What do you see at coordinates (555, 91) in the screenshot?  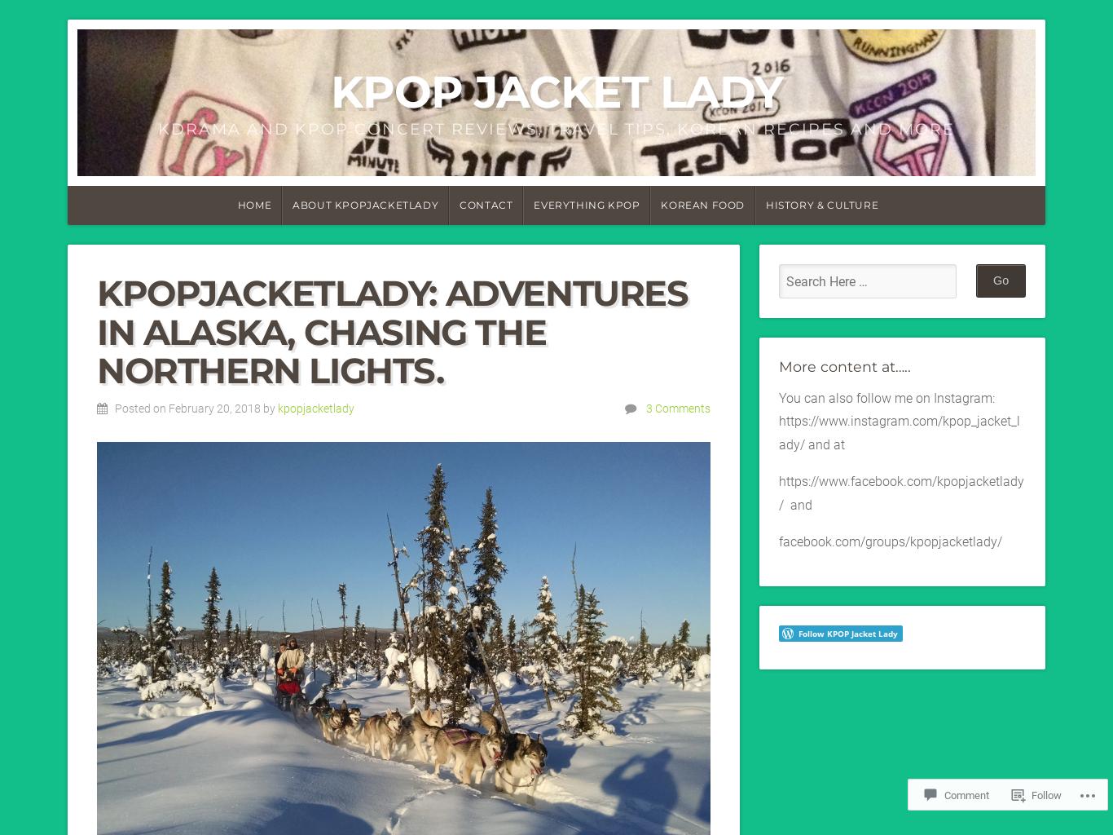 I see `'KPOP Jacket Lady'` at bounding box center [555, 91].